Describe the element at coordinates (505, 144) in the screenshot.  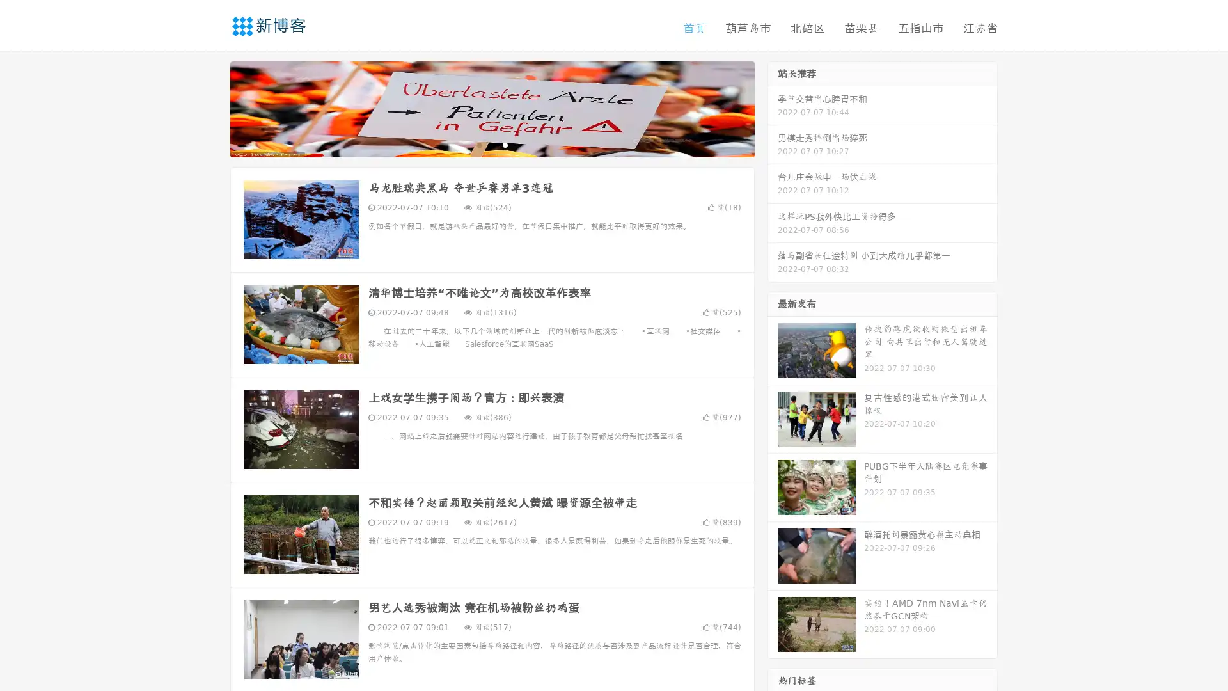
I see `Go to slide 3` at that location.